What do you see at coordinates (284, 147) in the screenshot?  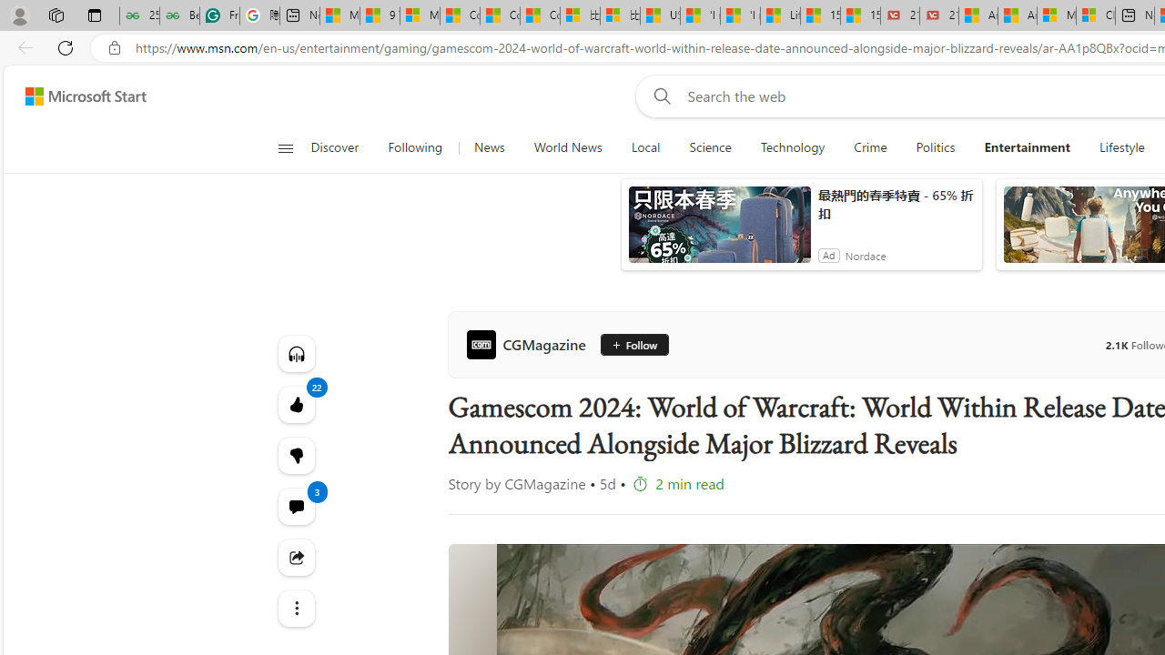 I see `'Class: button-glyph'` at bounding box center [284, 147].